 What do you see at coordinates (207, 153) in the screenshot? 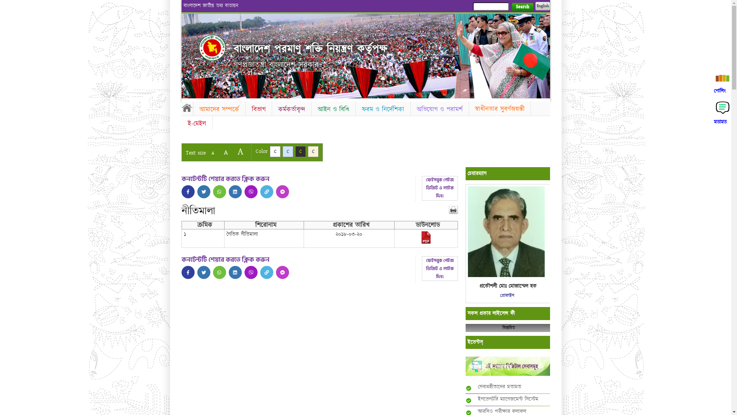
I see `'A'` at bounding box center [207, 153].